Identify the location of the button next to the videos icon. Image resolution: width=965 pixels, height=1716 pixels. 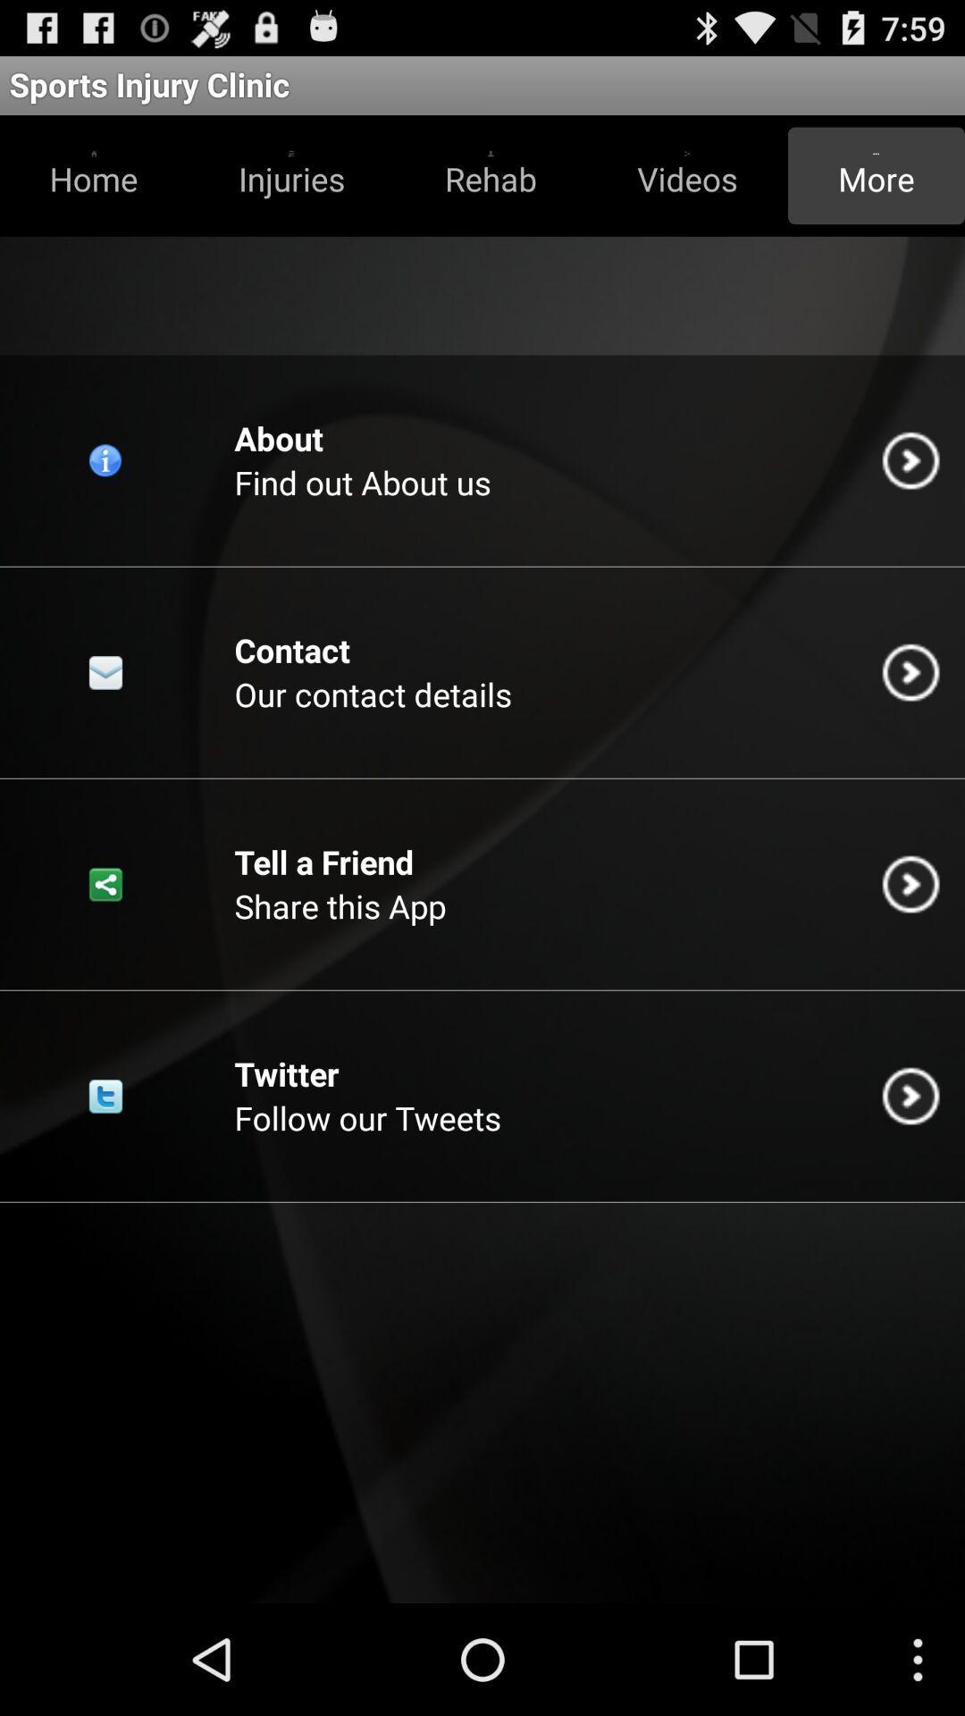
(491, 175).